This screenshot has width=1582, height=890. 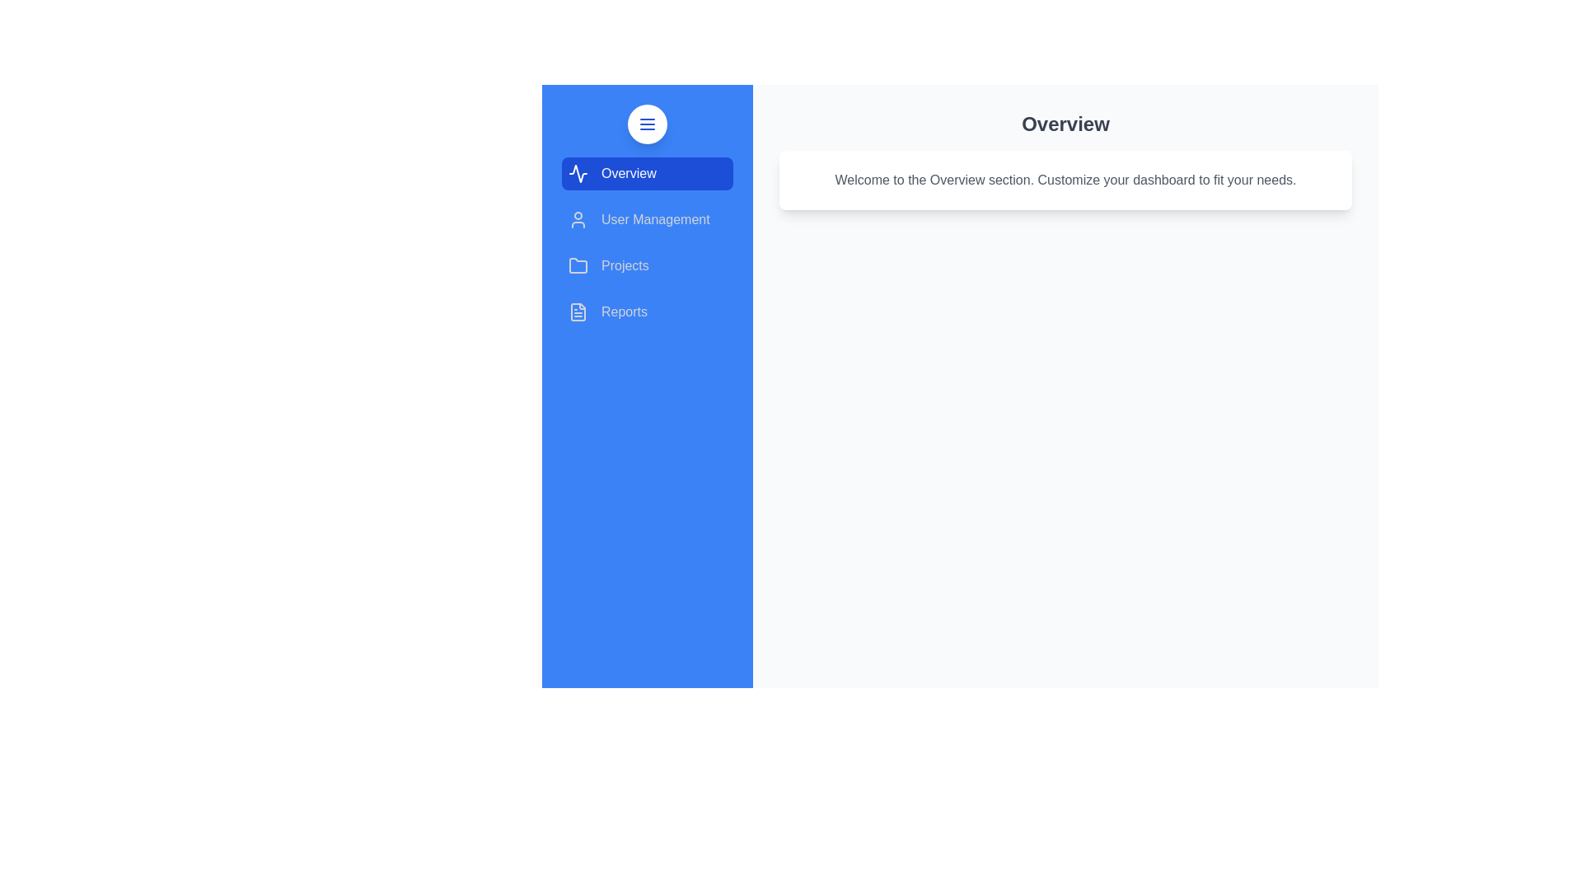 What do you see at coordinates (647, 265) in the screenshot?
I see `the sidebar section Projects` at bounding box center [647, 265].